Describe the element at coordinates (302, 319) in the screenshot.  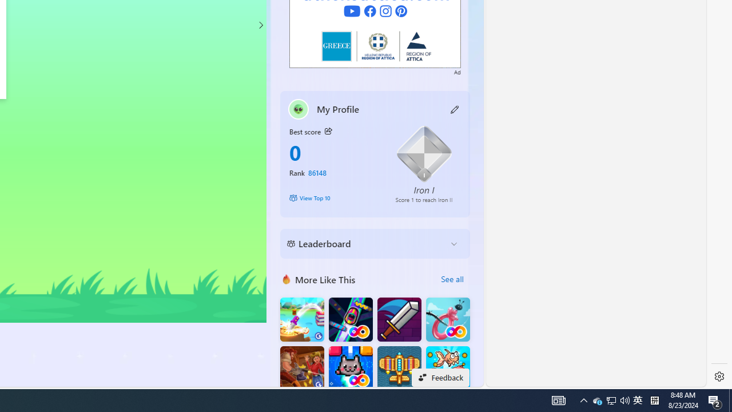
I see `'Knife Flip'` at that location.